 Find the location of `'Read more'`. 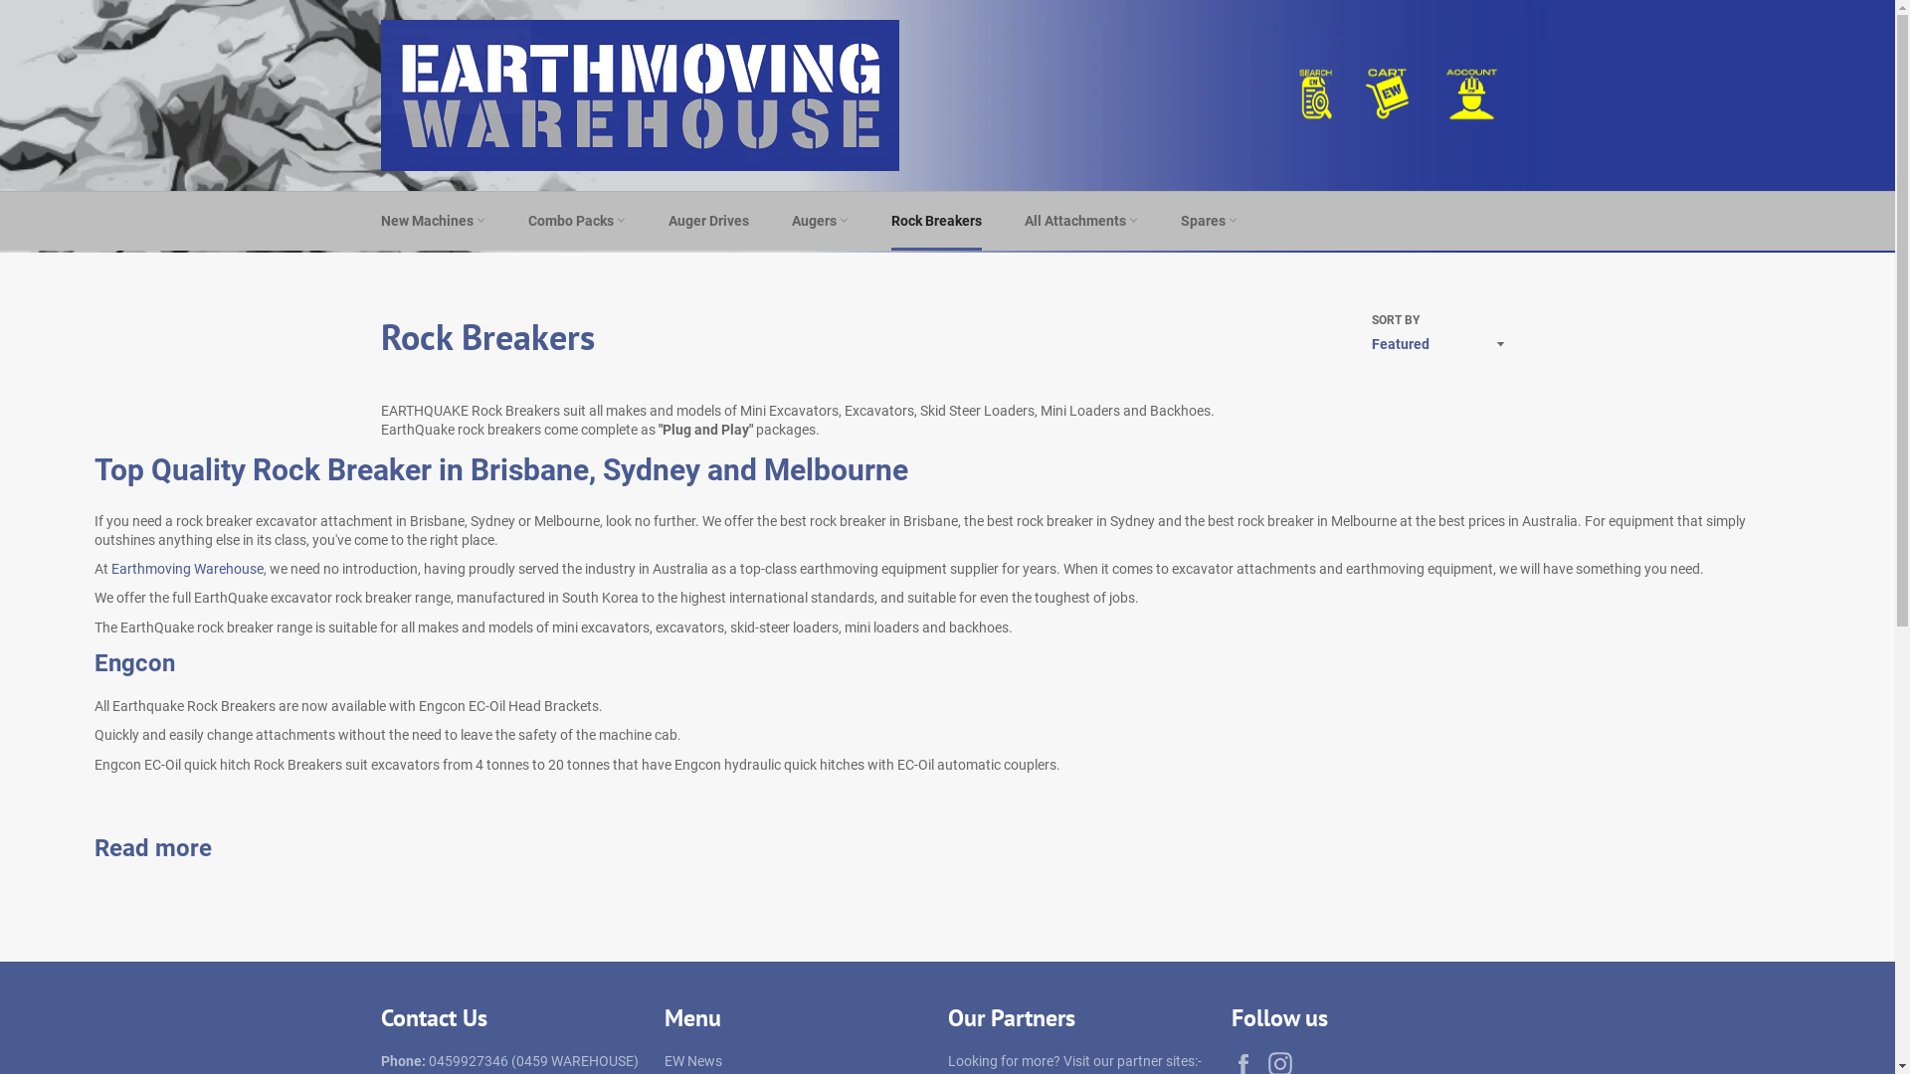

'Read more' is located at coordinates (94, 847).